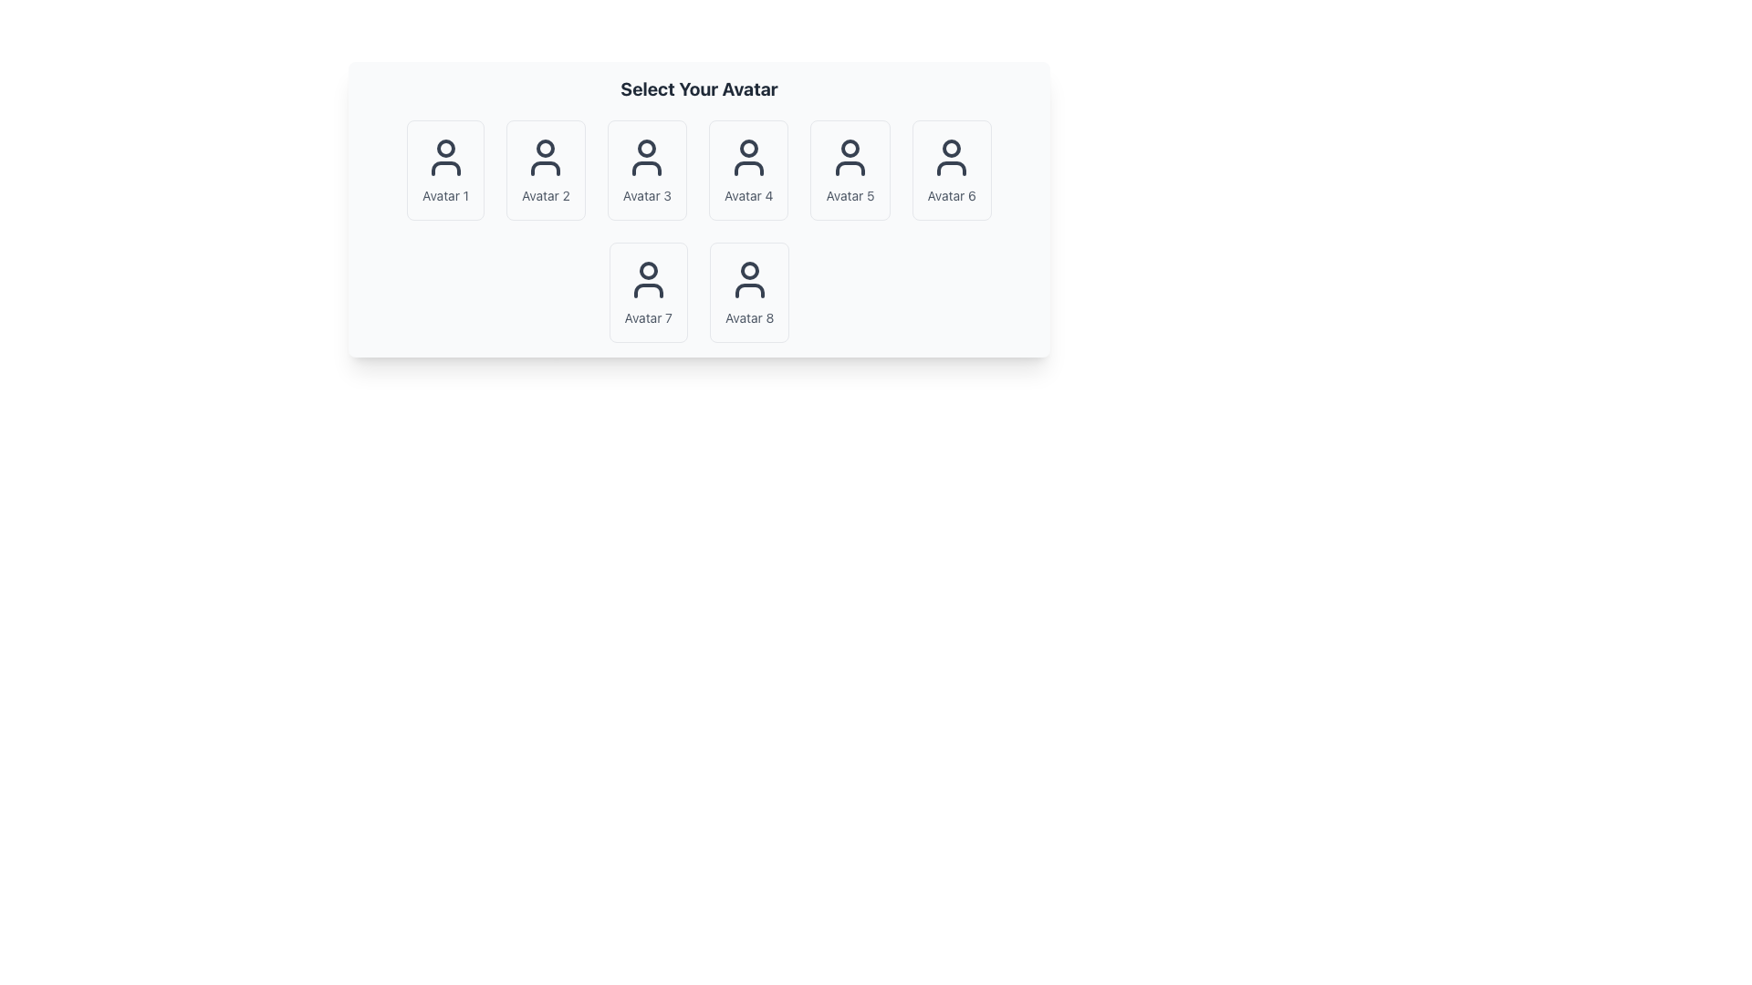 The width and height of the screenshot is (1752, 985). I want to click on the avatar head icon representing Avatar 8, which is located in the second row and second column of the selection grid, centered above the text label 'Avatar 8', so click(749, 271).